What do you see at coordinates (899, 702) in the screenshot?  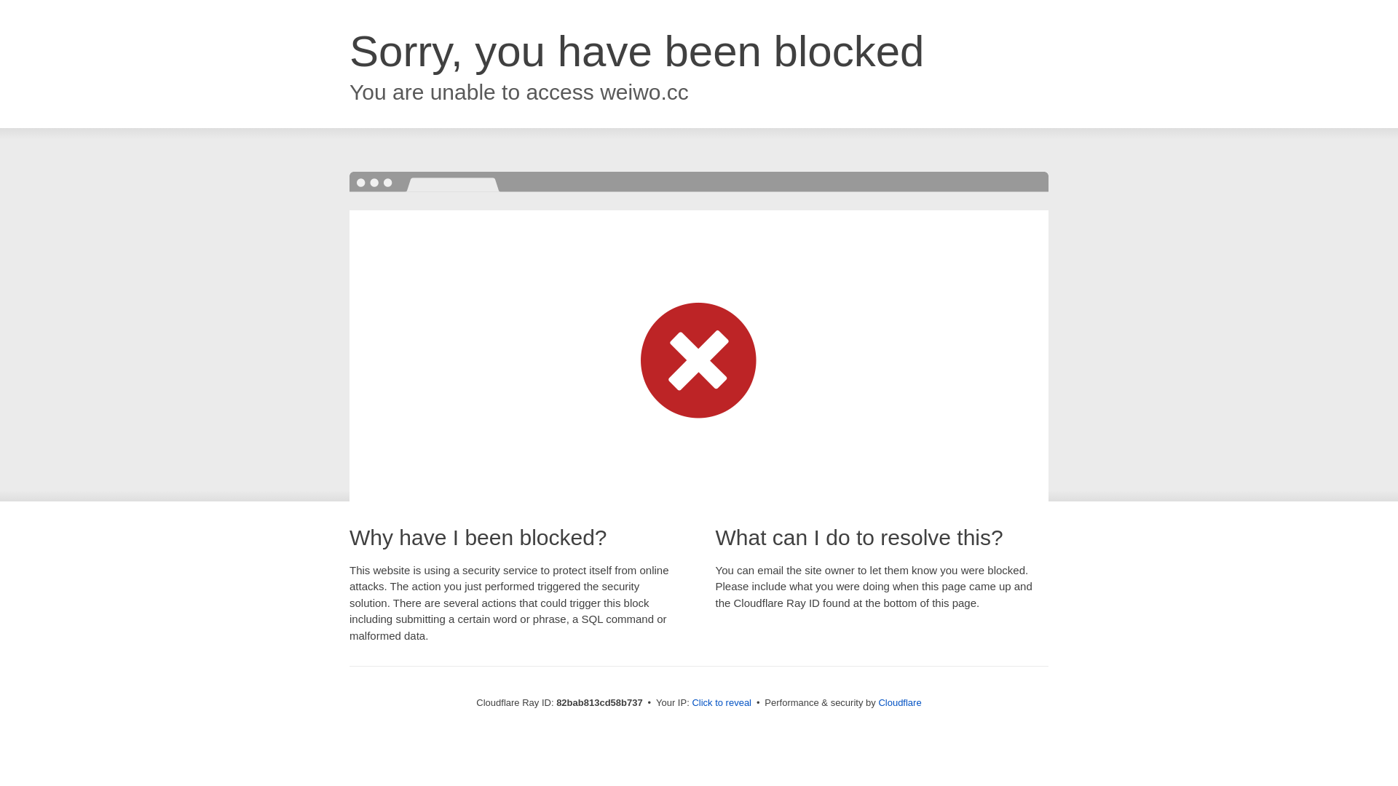 I see `'Cloudflare'` at bounding box center [899, 702].